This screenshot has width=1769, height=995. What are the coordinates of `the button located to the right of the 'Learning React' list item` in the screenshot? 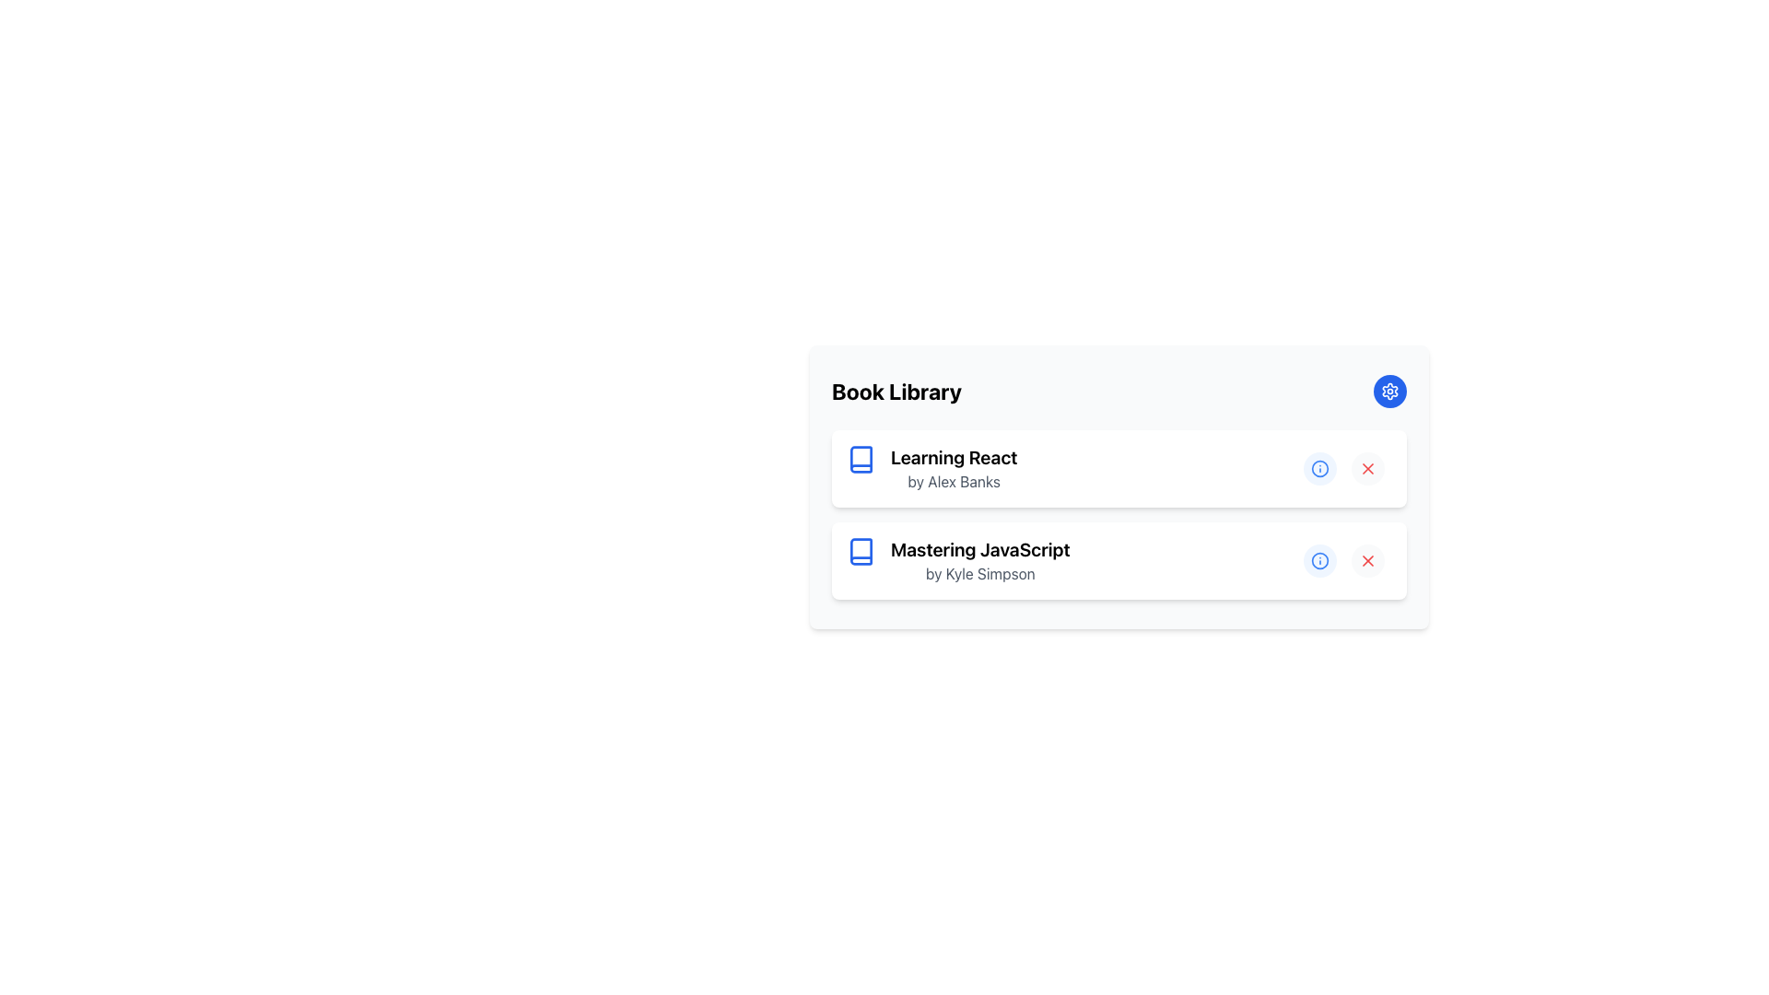 It's located at (1319, 468).